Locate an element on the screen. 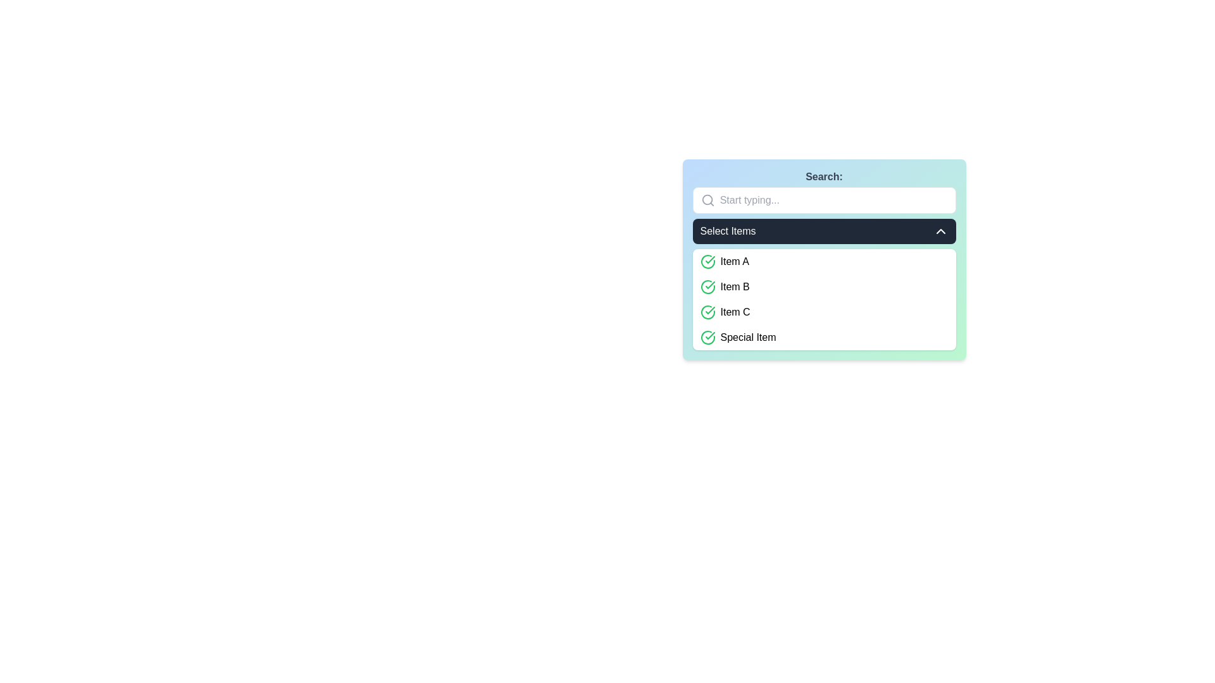 The height and width of the screenshot is (683, 1215). the chevron up icon button located at the far right of the dark background bar labeled 'Select Items' is located at coordinates (940, 231).